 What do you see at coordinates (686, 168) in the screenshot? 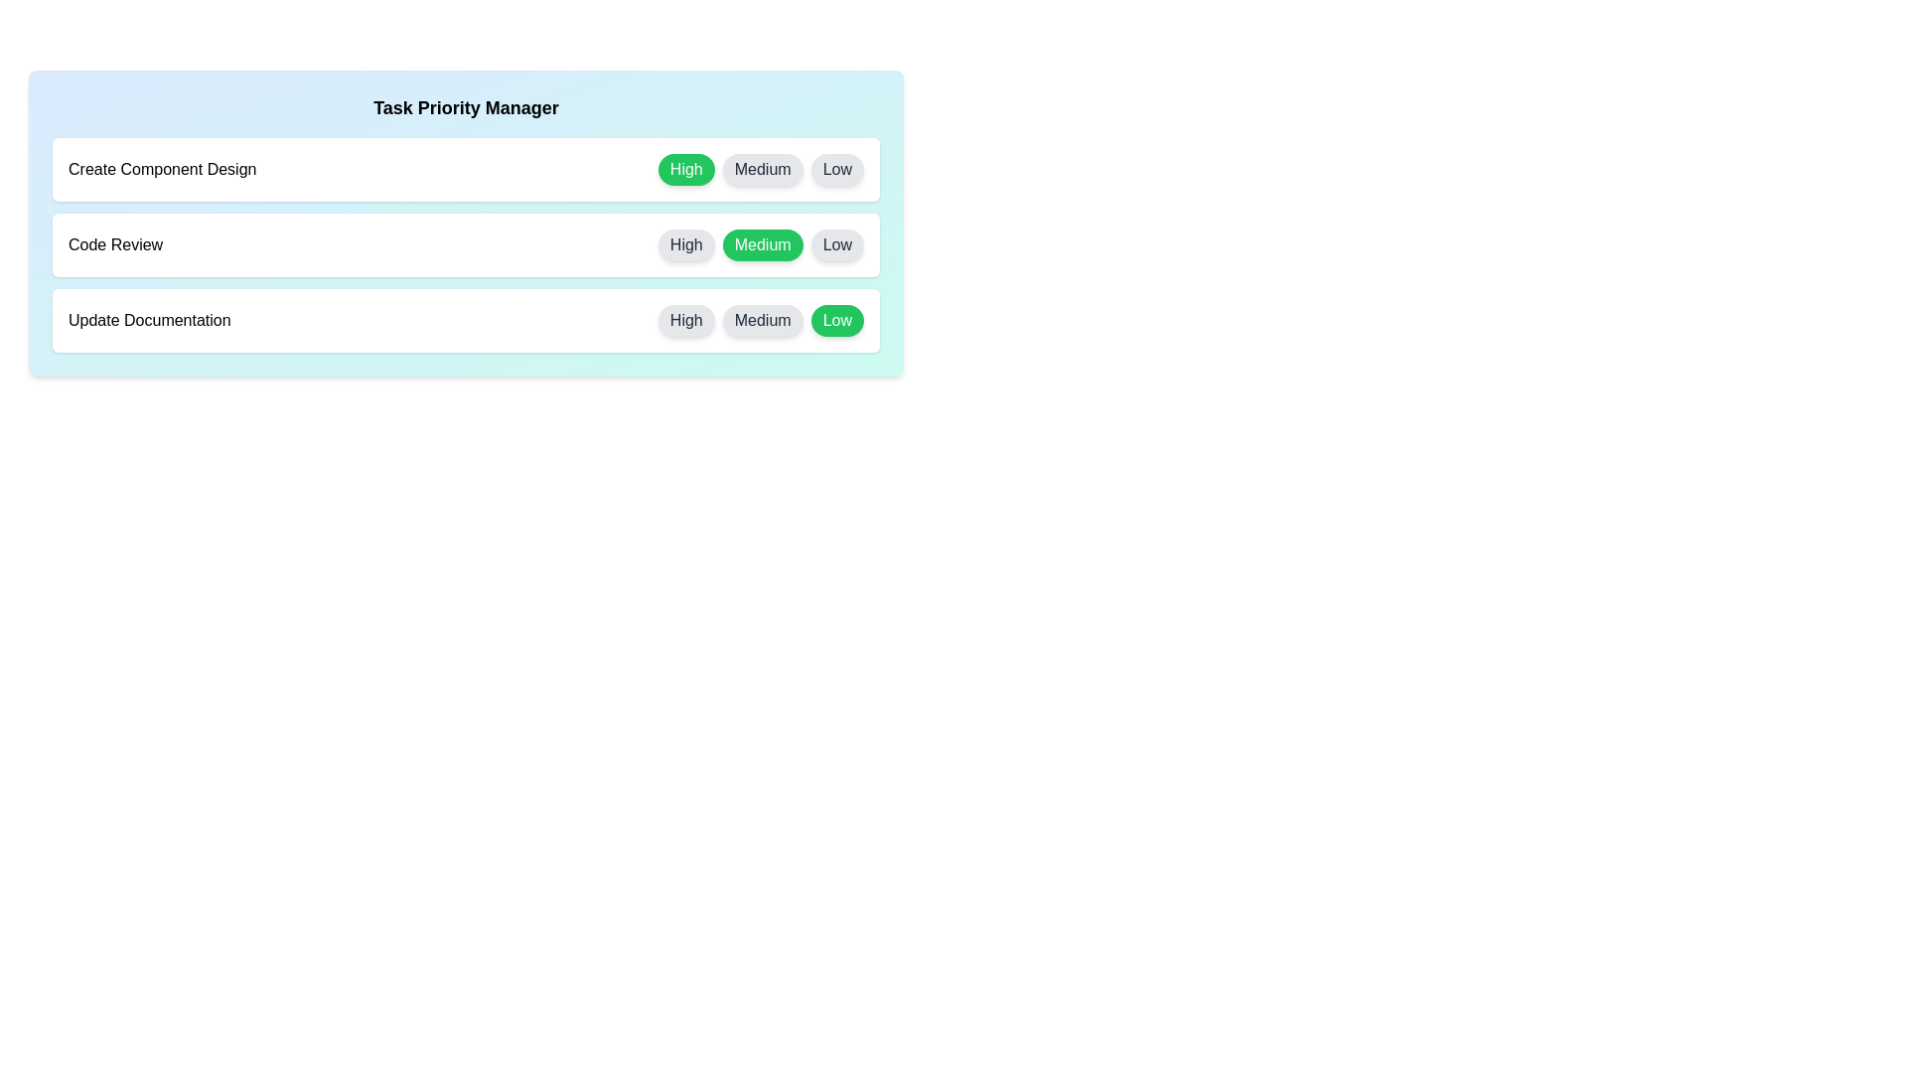
I see `the High button for the task 'Create Component Design' to set its priority` at bounding box center [686, 168].